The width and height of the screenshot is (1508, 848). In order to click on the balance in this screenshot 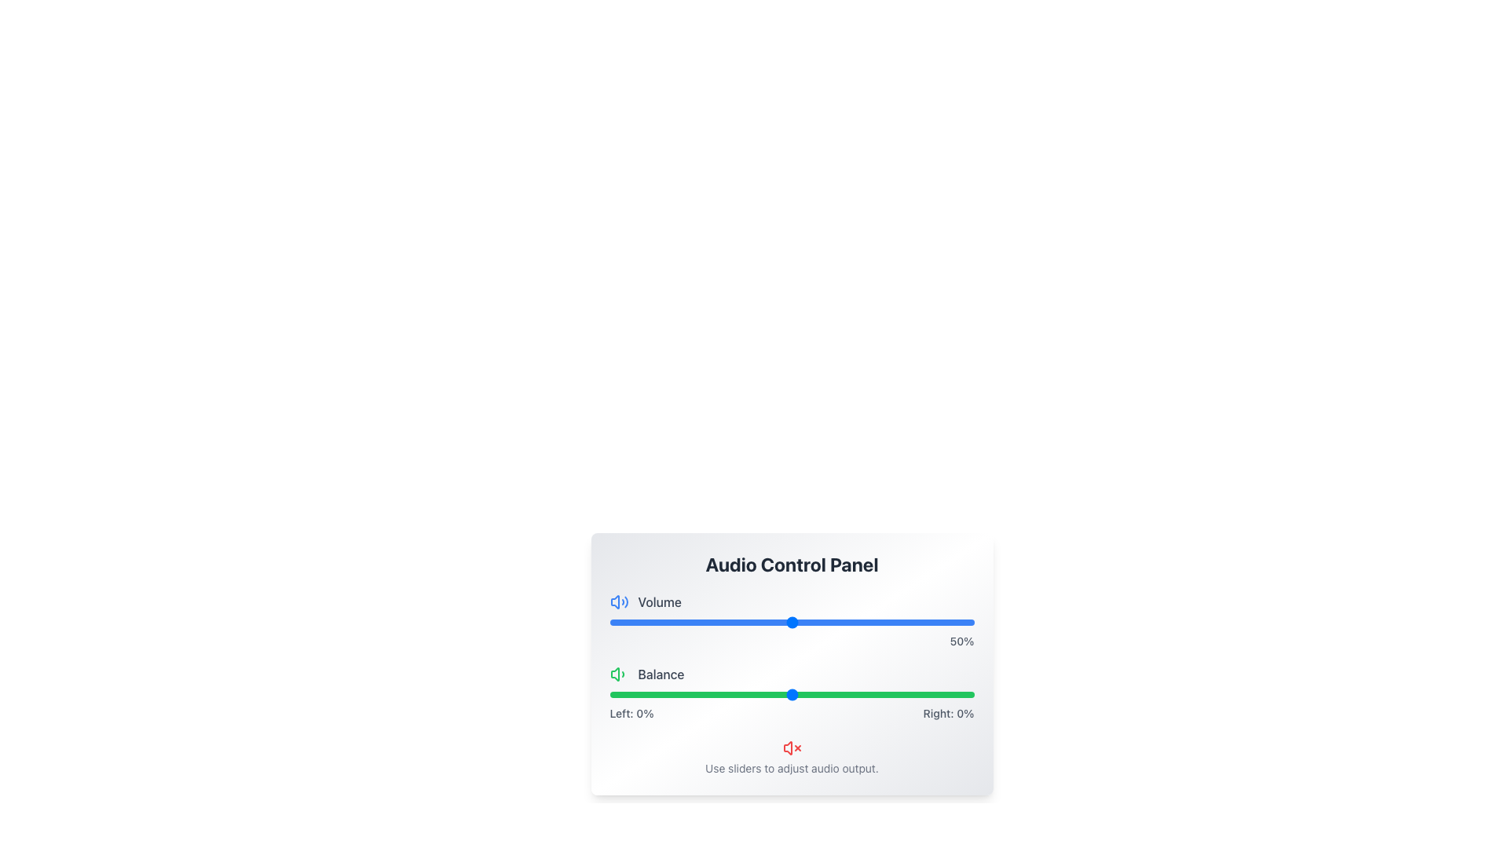, I will do `click(927, 693)`.